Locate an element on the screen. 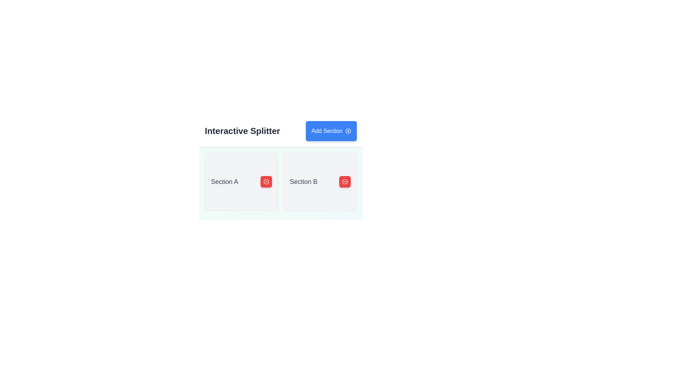 Image resolution: width=690 pixels, height=388 pixels. the icon on the right side of the 'Add Section' button is located at coordinates (348, 131).